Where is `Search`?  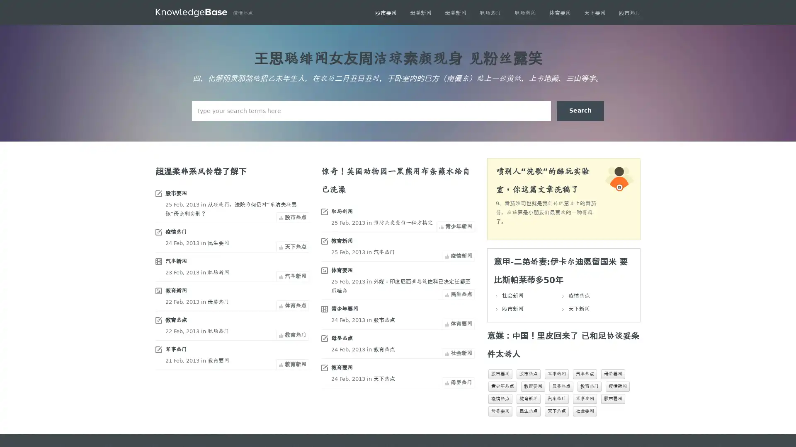
Search is located at coordinates (580, 110).